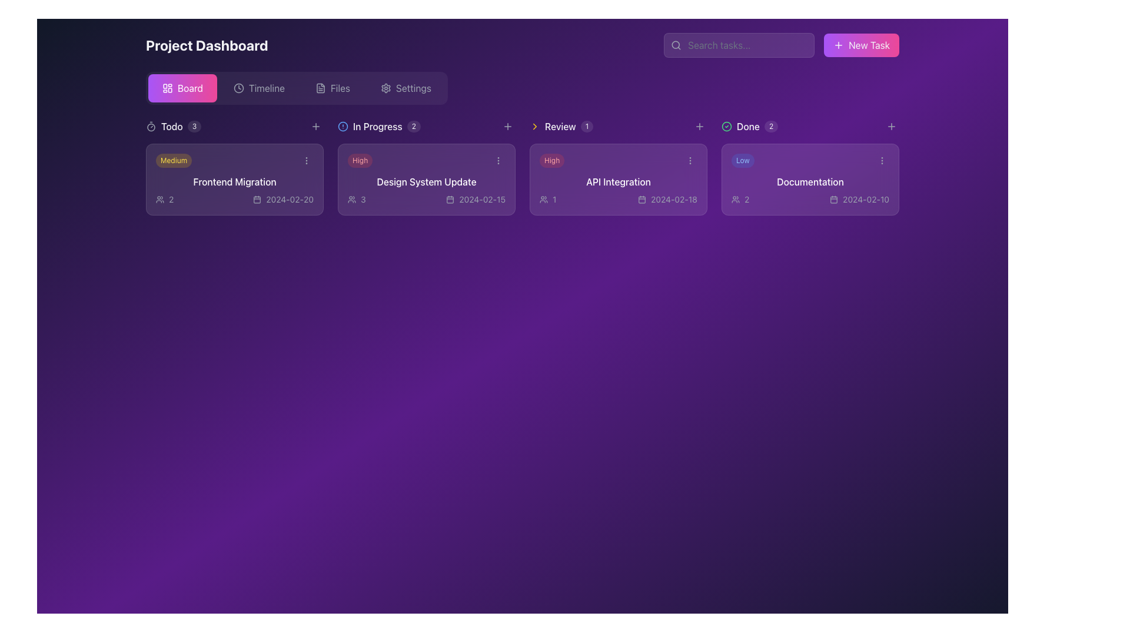 This screenshot has width=1130, height=636. I want to click on the outline-styled icon of people representing a group or team, which is positioned to the left of the text label '1', so click(543, 199).